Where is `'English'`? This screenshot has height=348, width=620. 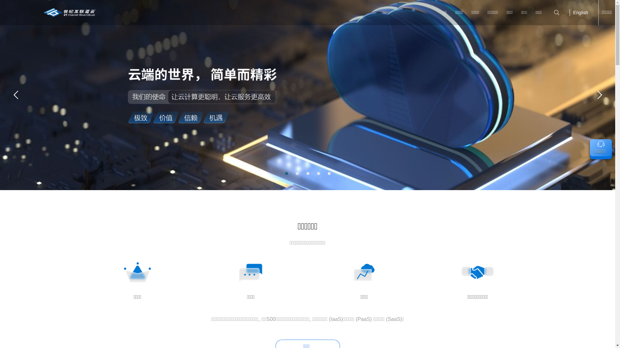 'English' is located at coordinates (581, 12).